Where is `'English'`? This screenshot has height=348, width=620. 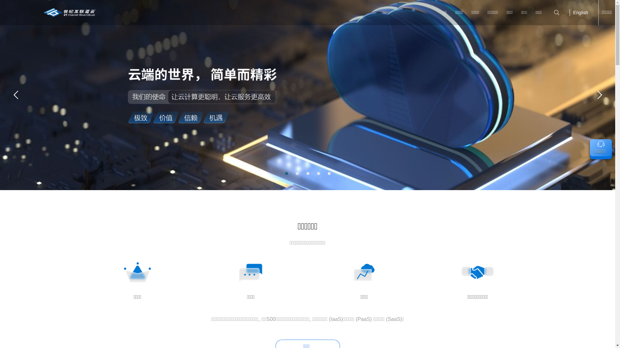 'English' is located at coordinates (581, 12).